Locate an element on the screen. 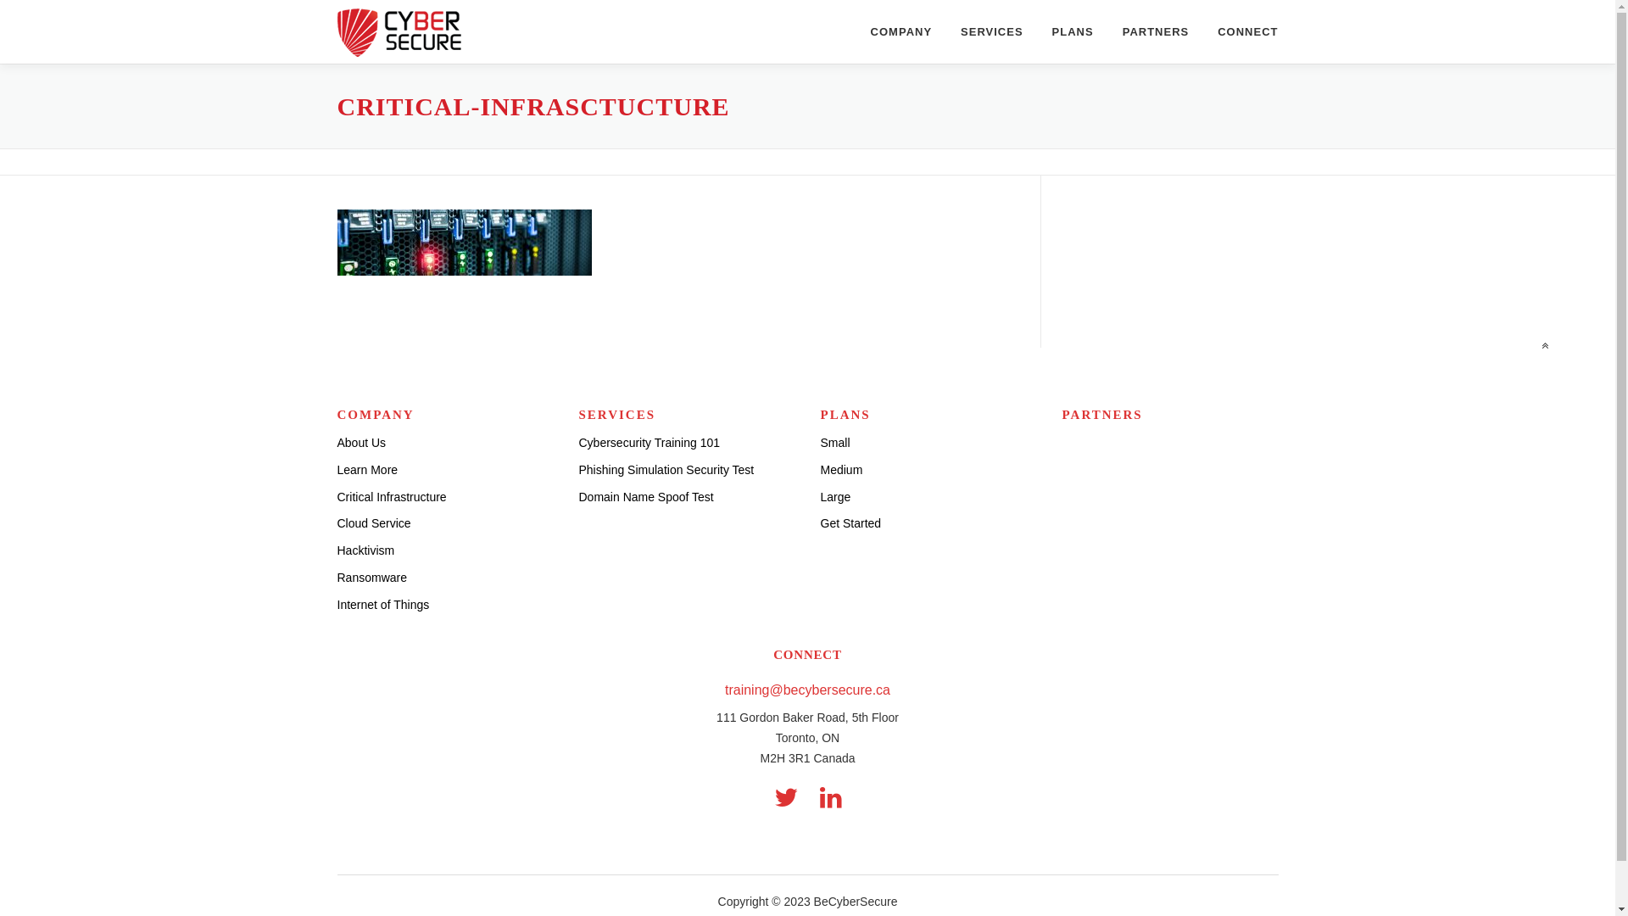 The image size is (1628, 916). 'About Us' is located at coordinates (361, 441).